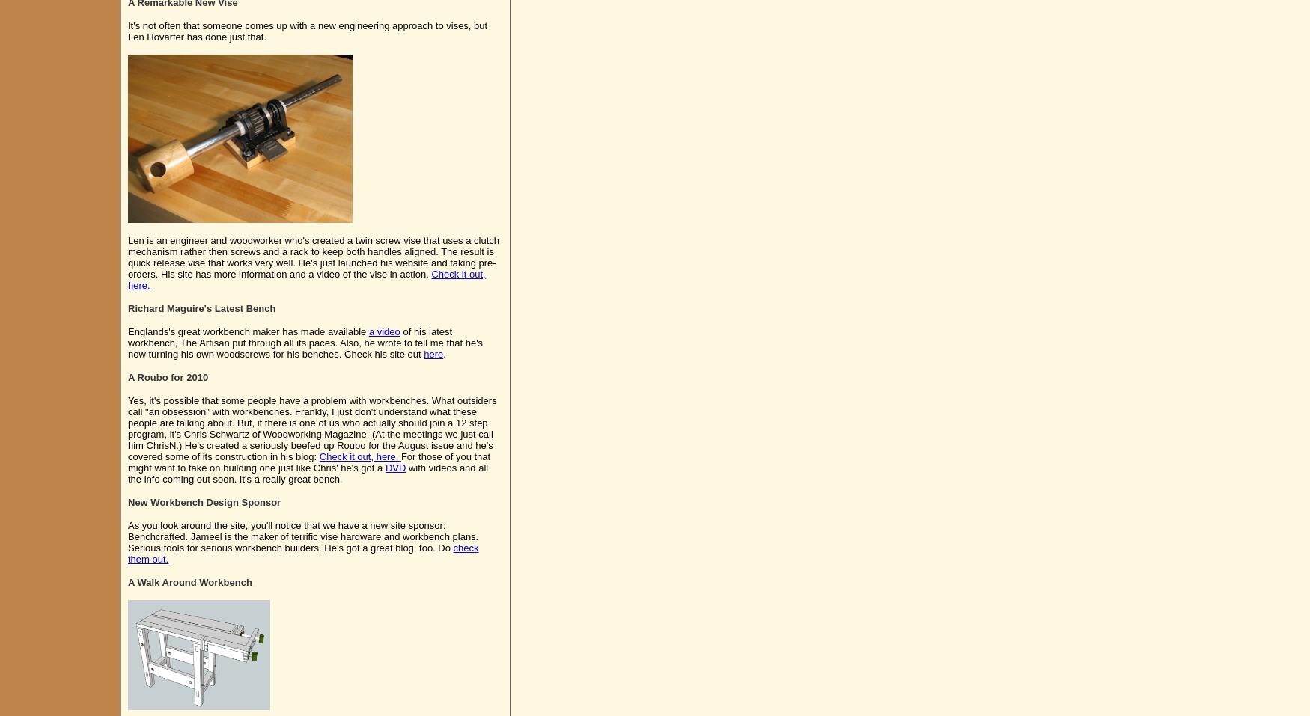 This screenshot has width=1310, height=716. I want to click on 'New Workbench Design Sponsor', so click(127, 502).